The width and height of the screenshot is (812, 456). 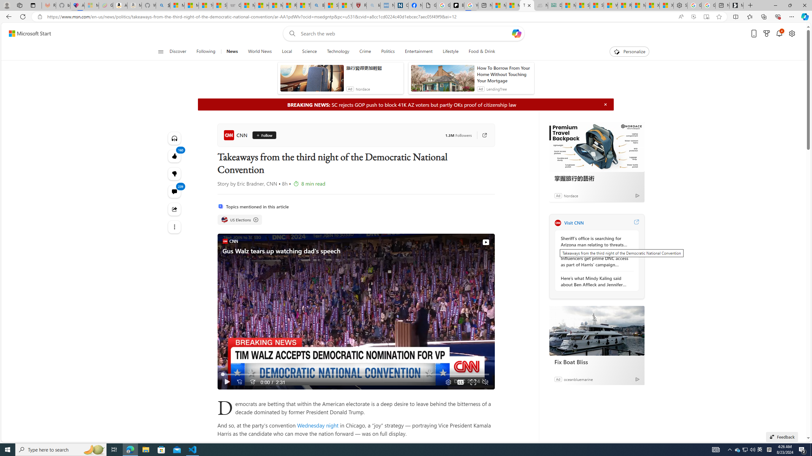 I want to click on 'Lifestyle', so click(x=450, y=51).